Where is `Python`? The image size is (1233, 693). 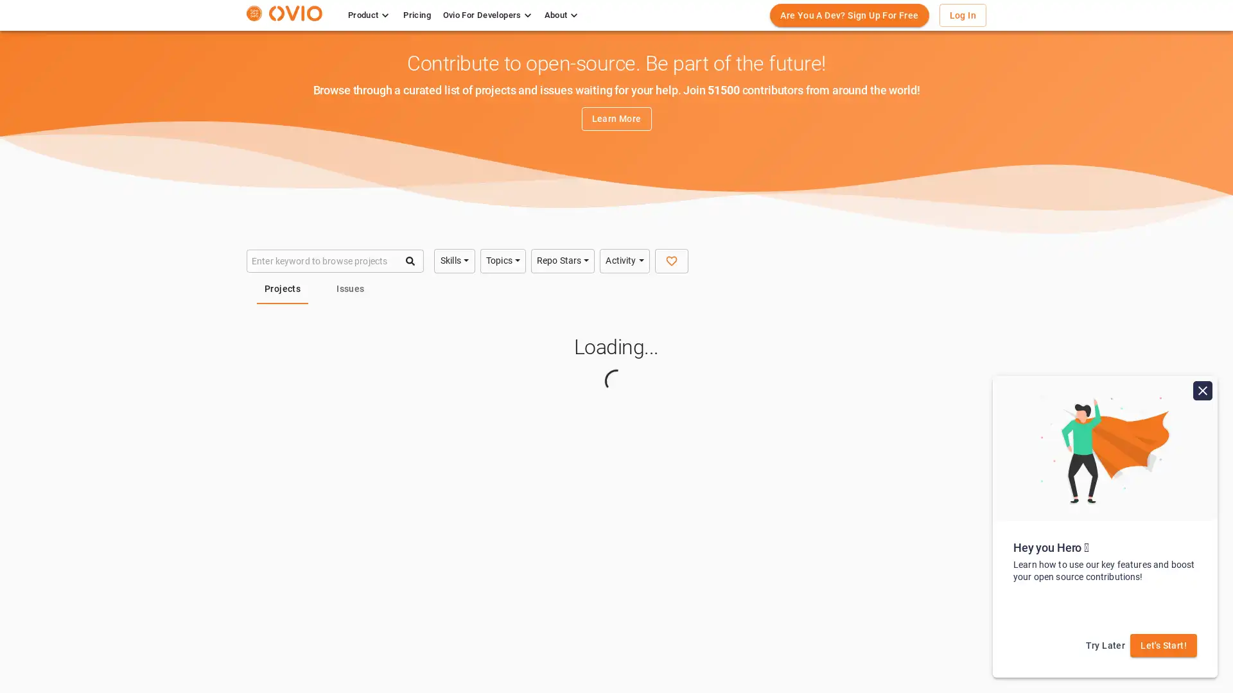
Python is located at coordinates (844, 548).